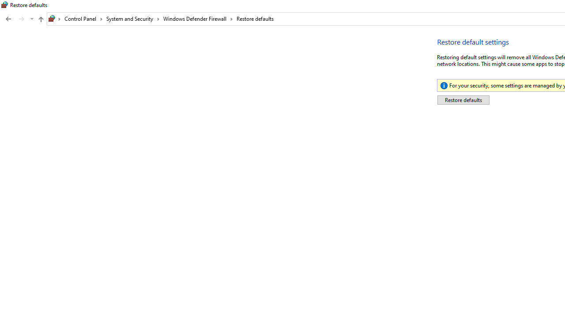 The width and height of the screenshot is (565, 318). What do you see at coordinates (8, 19) in the screenshot?
I see `'Back to Windows Defender Firewall (Alt + Left Arrow)'` at bounding box center [8, 19].